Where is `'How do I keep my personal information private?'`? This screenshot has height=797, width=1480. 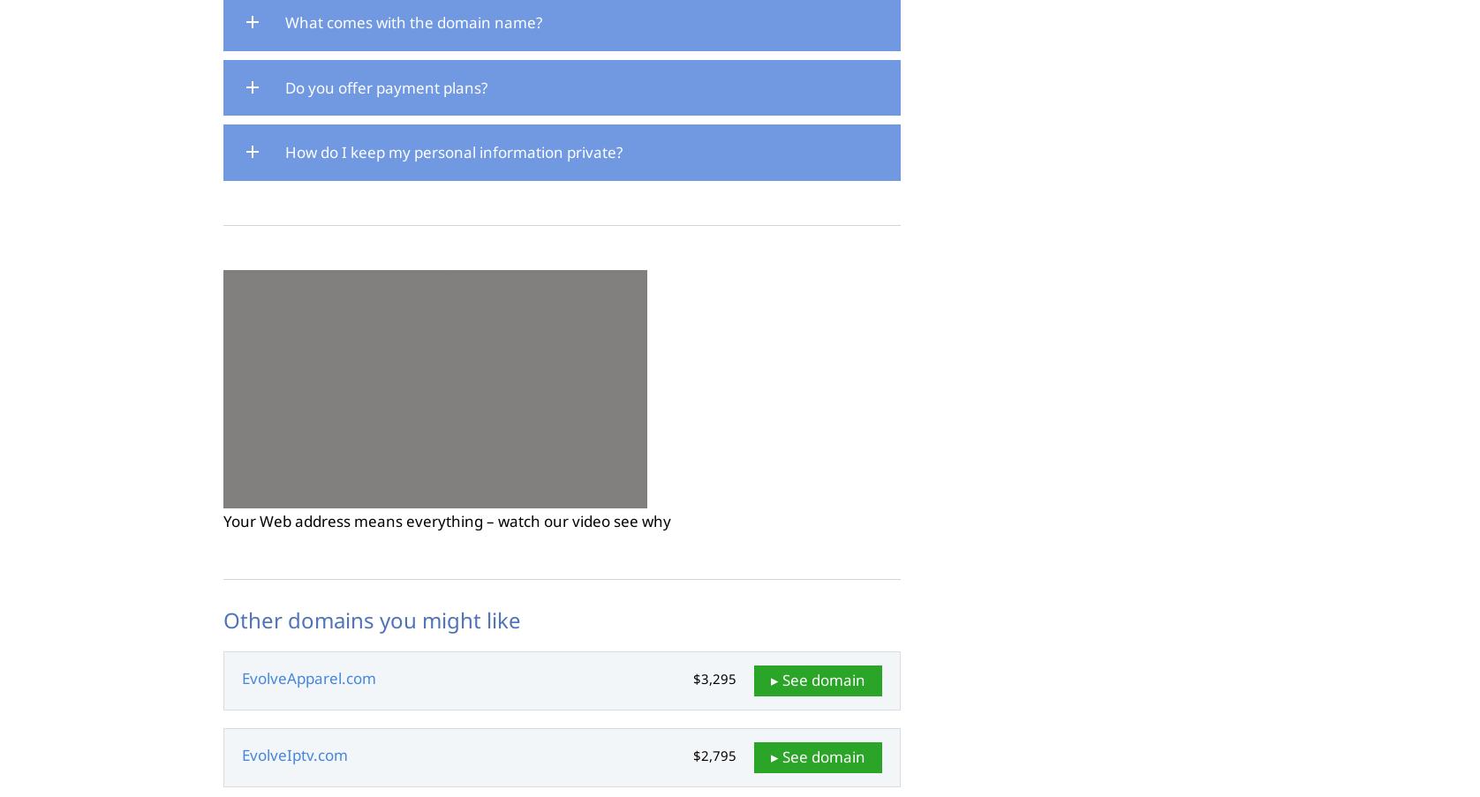 'How do I keep my personal information private?' is located at coordinates (454, 151).